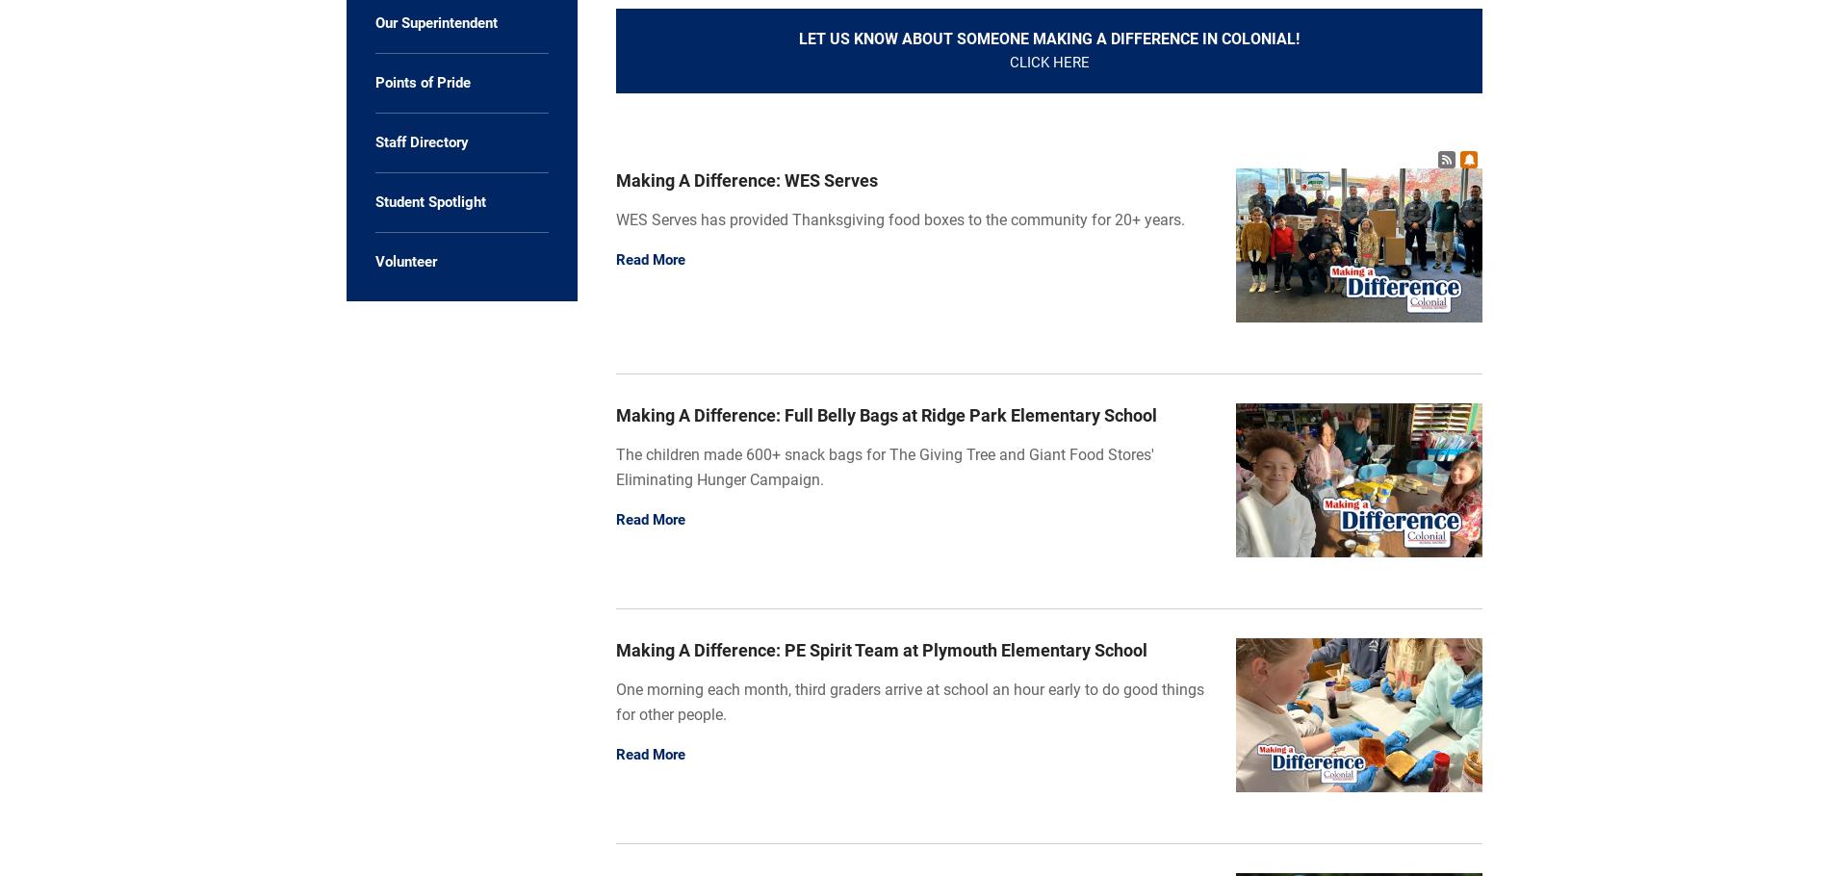 This screenshot has height=876, width=1829. I want to click on 'Let us know about someone Making A Difference in Colonial!', so click(1049, 39).